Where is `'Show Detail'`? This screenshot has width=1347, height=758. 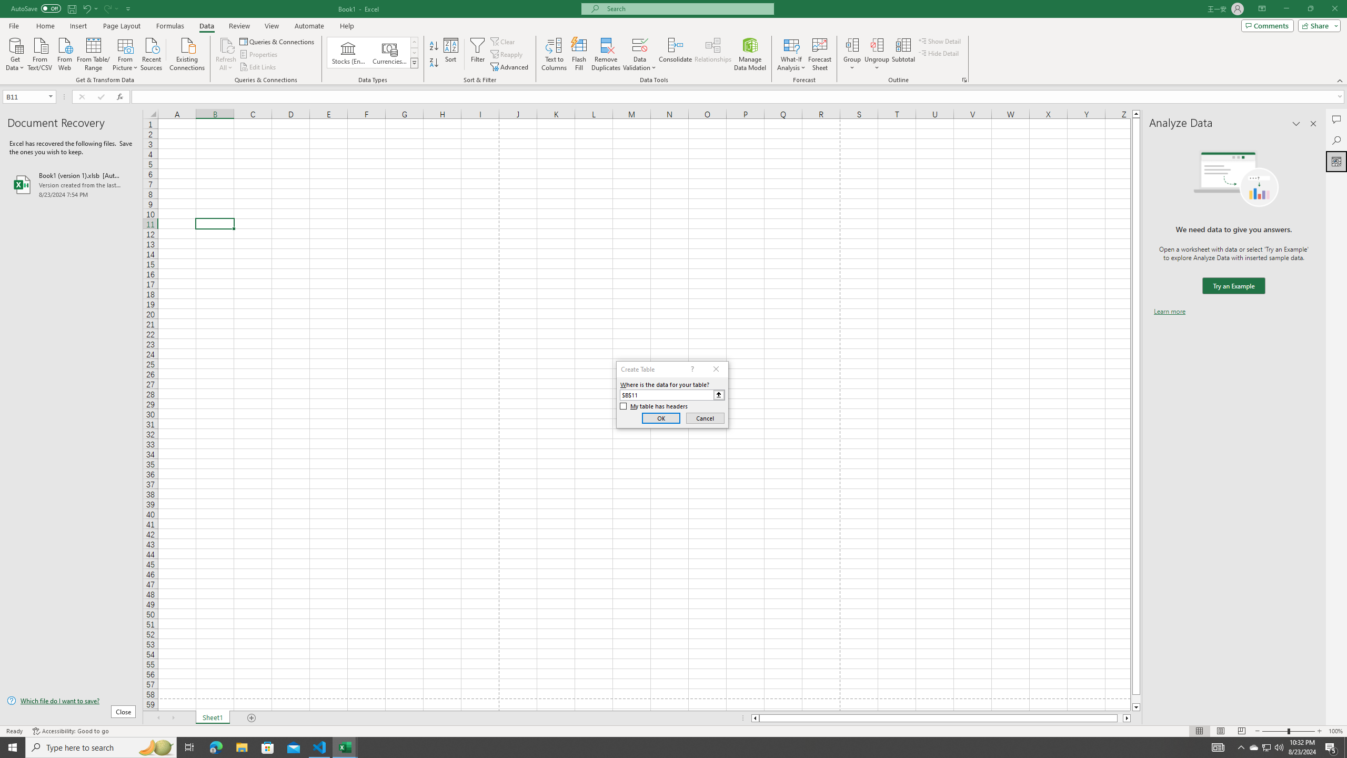
'Show Detail' is located at coordinates (939, 41).